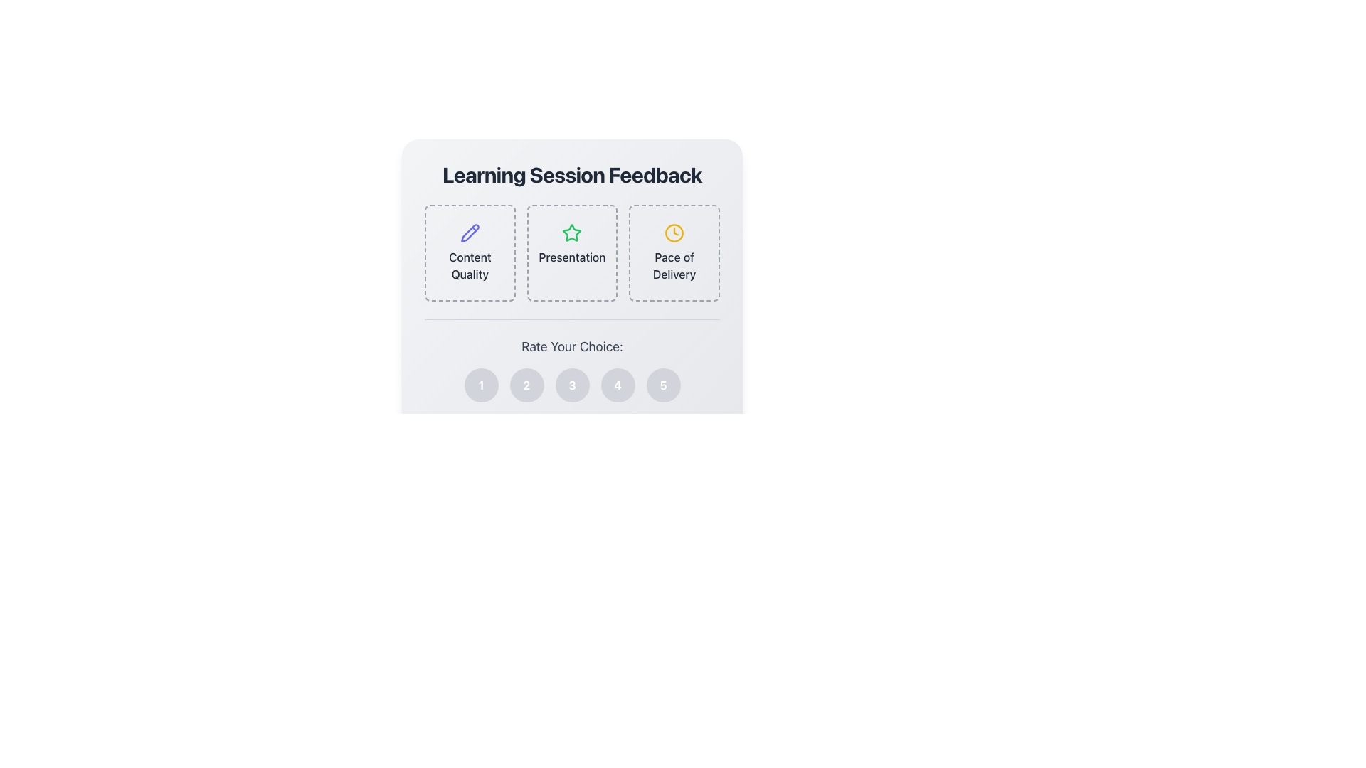  I want to click on the middle interactive card representing 'Presentation' in the learning session feedback section, so click(572, 268).